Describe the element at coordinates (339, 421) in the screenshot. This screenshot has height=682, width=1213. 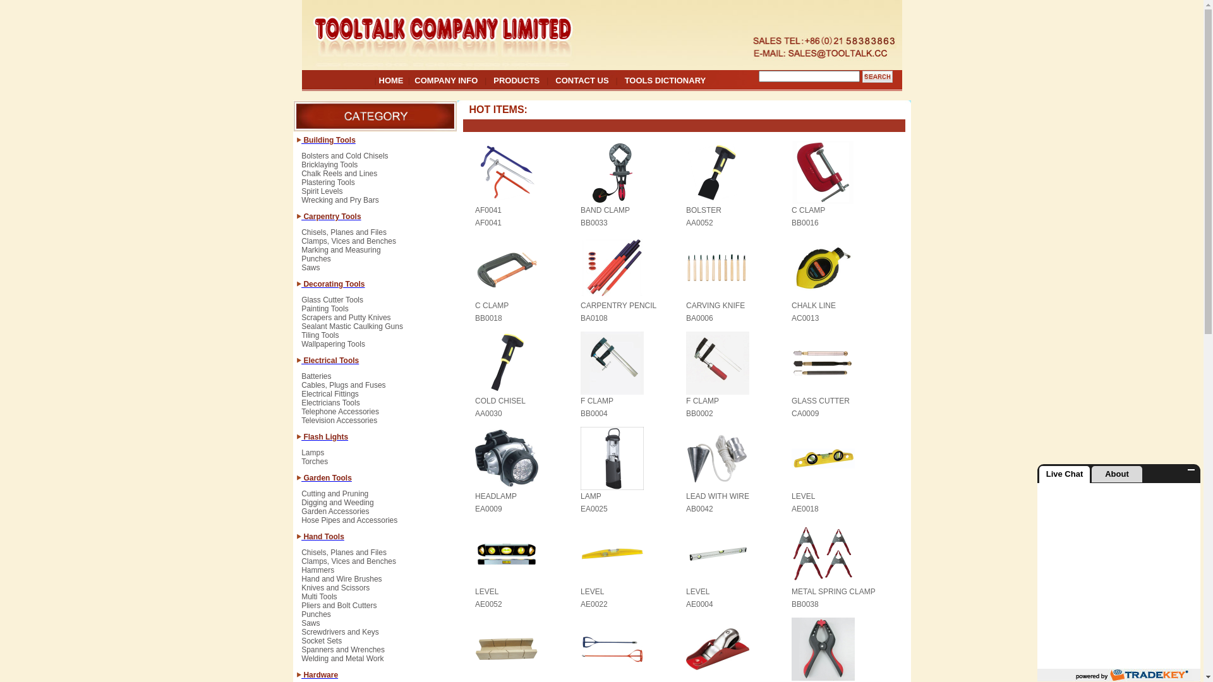
I see `'Television Accessories'` at that location.